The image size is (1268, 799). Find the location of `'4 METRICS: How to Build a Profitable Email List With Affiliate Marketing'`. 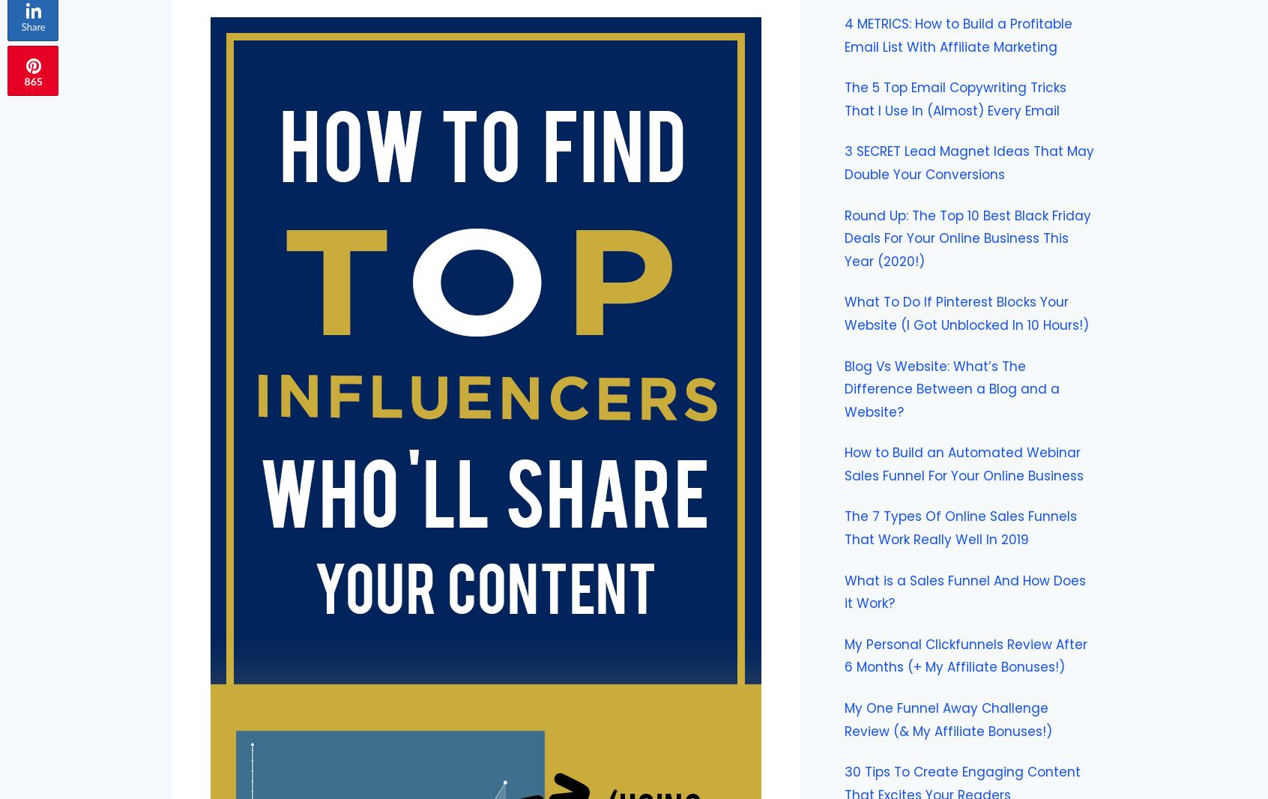

'4 METRICS: How to Build a Profitable Email List With Affiliate Marketing' is located at coordinates (957, 34).